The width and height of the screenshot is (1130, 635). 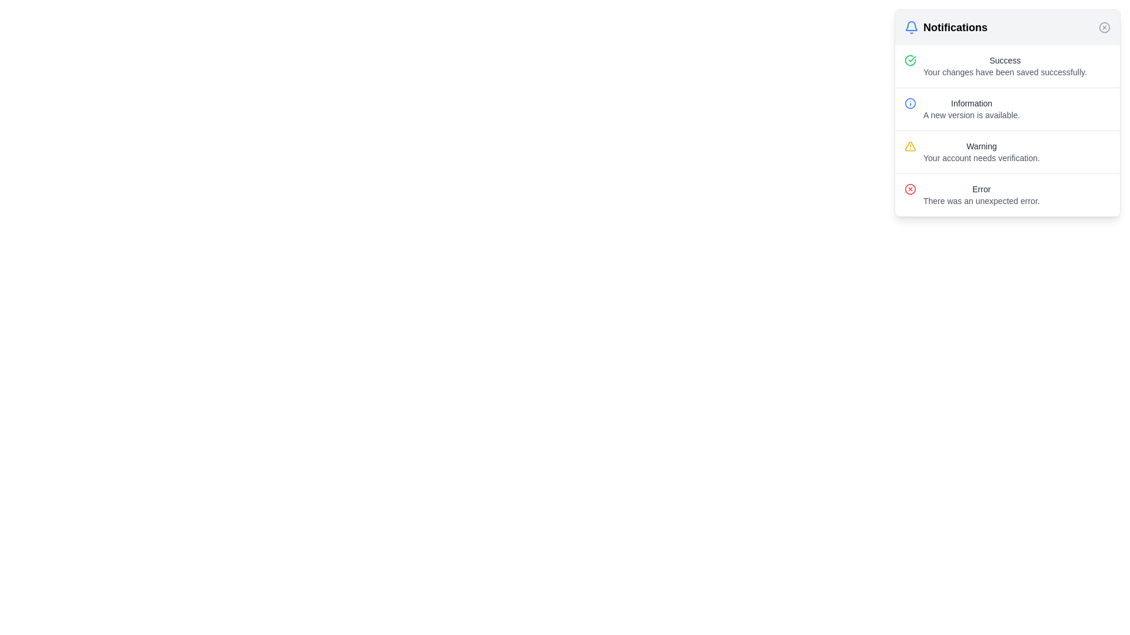 I want to click on the Text Label displaying 'A new version is available.' located underneath the 'Information' label in the notifications panel, so click(x=972, y=115).